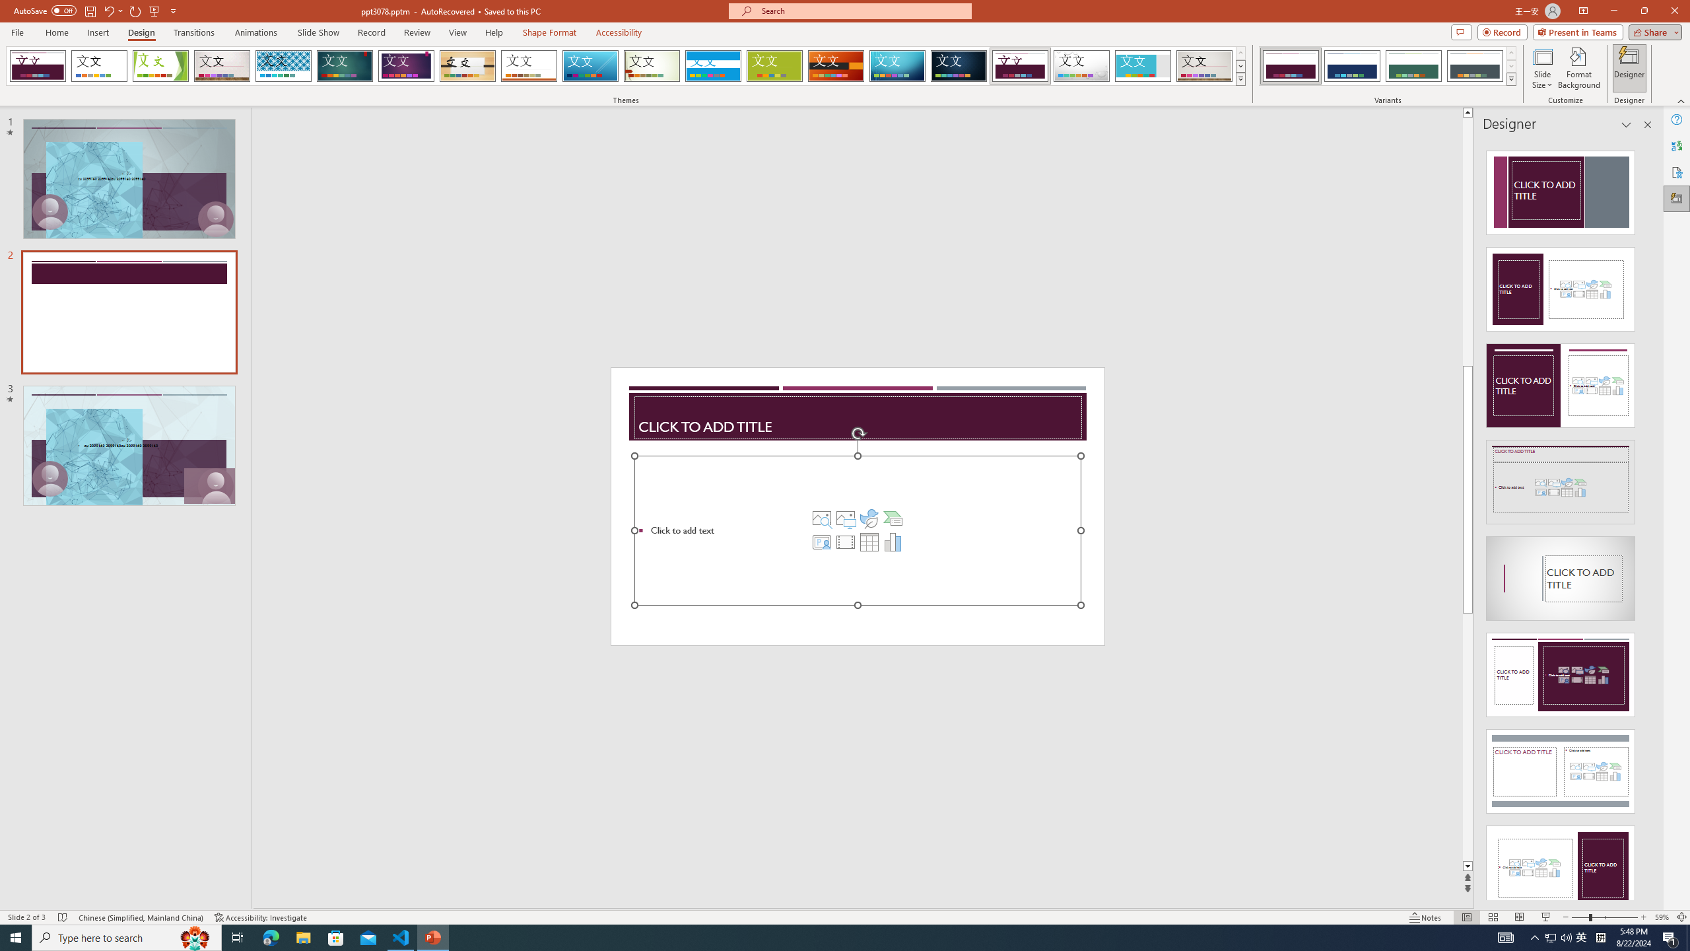  Describe the element at coordinates (406, 65) in the screenshot. I see `'Ion Boardroom'` at that location.